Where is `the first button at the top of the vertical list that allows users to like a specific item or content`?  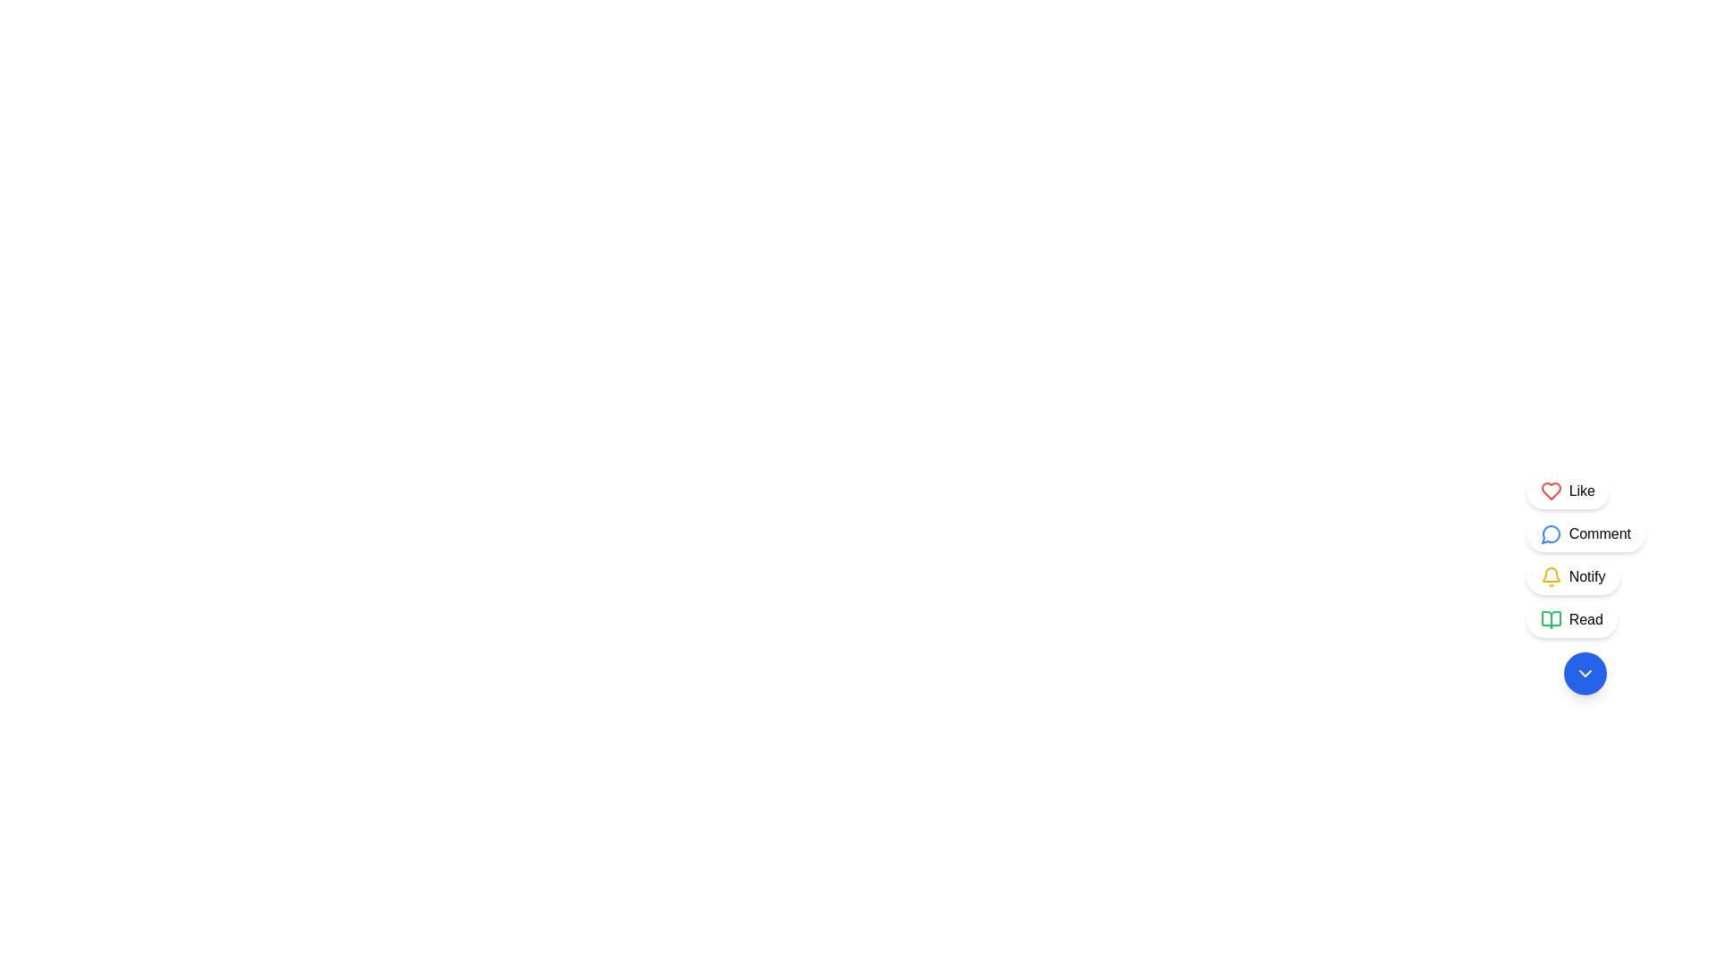
the first button at the top of the vertical list that allows users to like a specific item or content is located at coordinates (1567, 491).